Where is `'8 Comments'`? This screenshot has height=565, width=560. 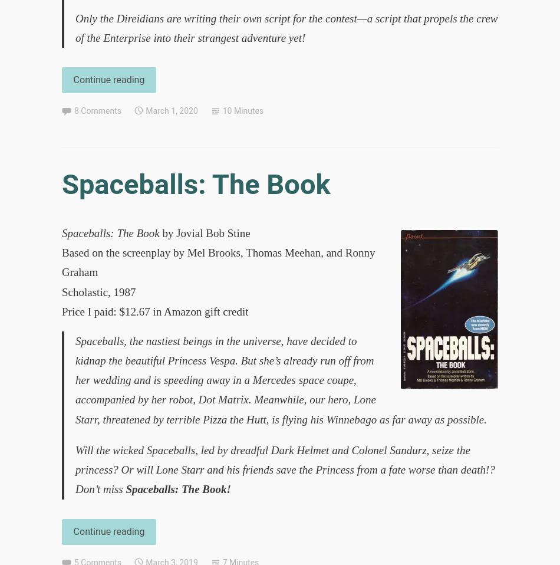
'8 Comments' is located at coordinates (97, 110).